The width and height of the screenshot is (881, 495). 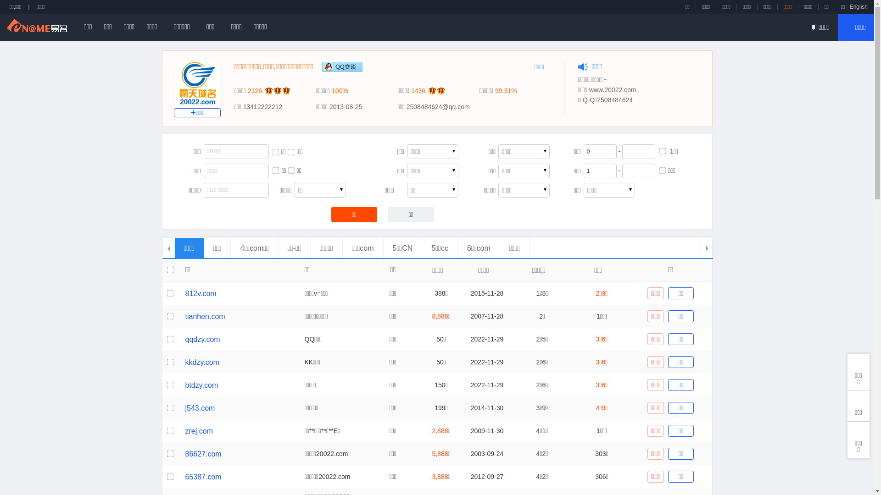 What do you see at coordinates (198, 431) in the screenshot?
I see `'zrej.com'` at bounding box center [198, 431].